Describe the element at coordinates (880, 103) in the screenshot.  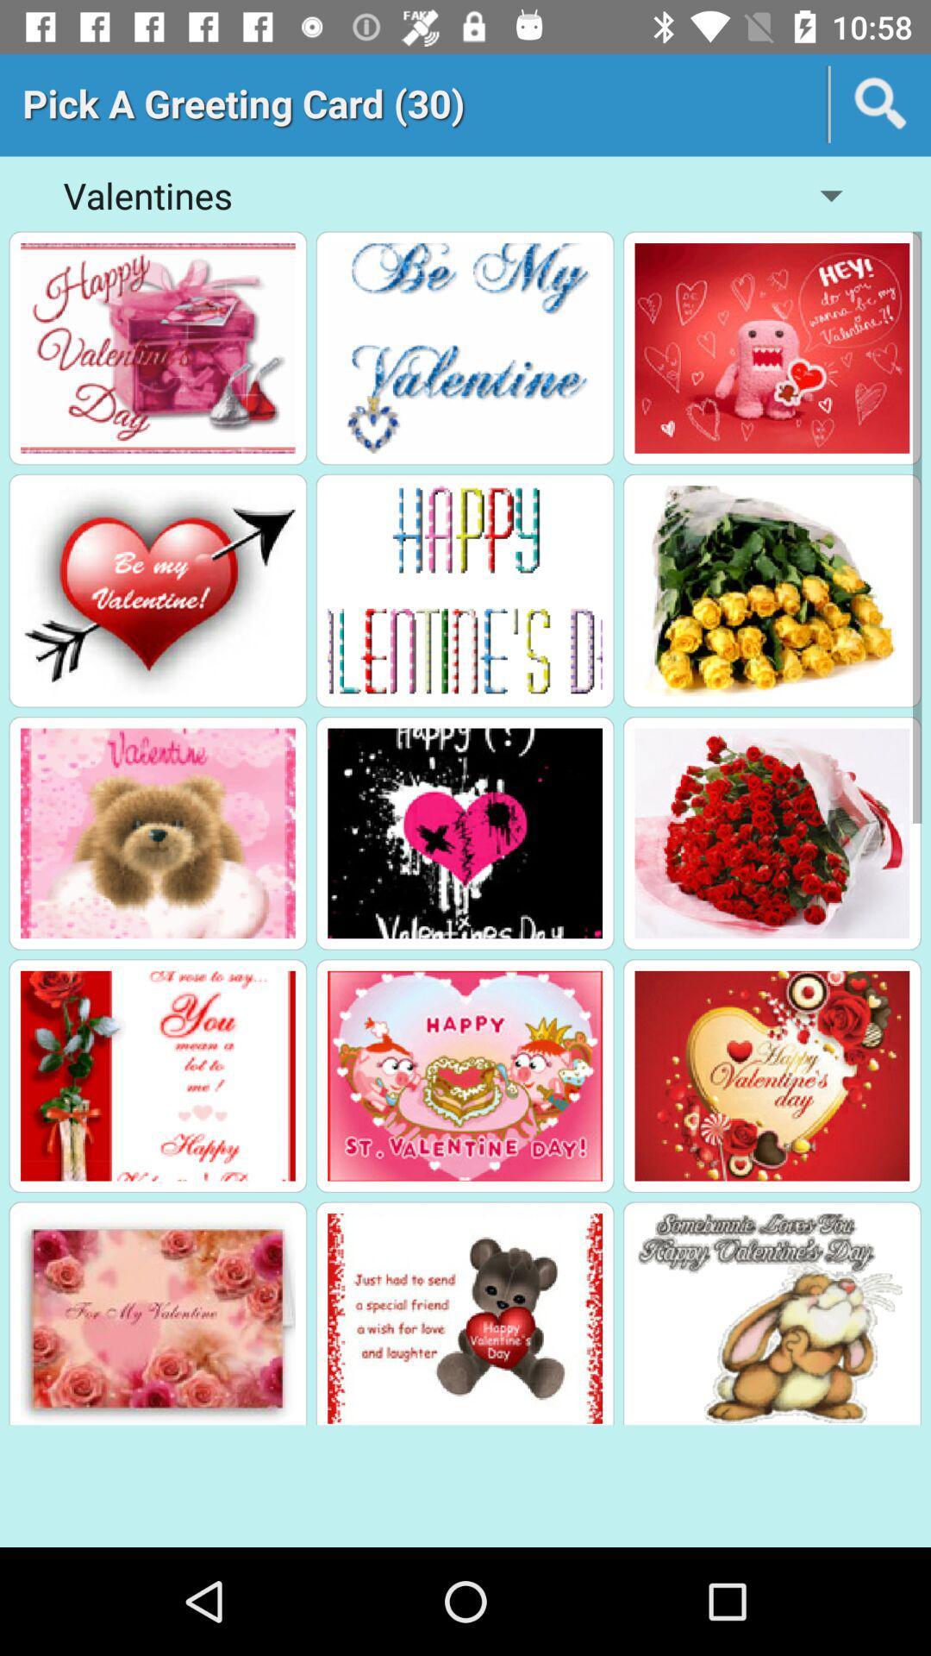
I see `the search icon` at that location.